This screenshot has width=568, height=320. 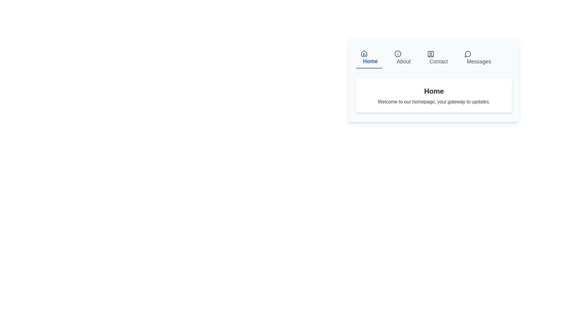 What do you see at coordinates (477, 58) in the screenshot?
I see `the tab labeled Messages` at bounding box center [477, 58].